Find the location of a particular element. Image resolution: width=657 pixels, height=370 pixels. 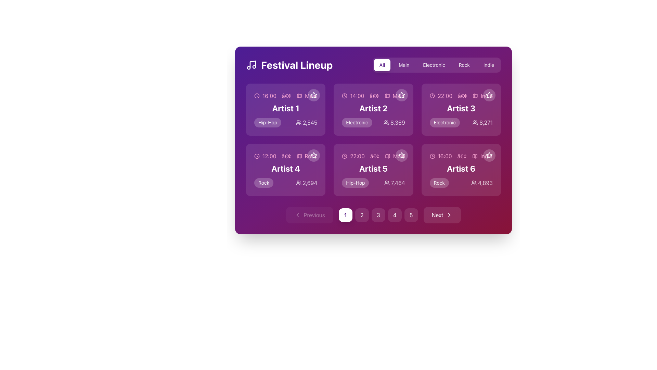

the interactive sub-component of the Metadata display for 'Artist 1', which includes details like genre 'Hip-Hop' and follower count '2,545' is located at coordinates (286, 122).